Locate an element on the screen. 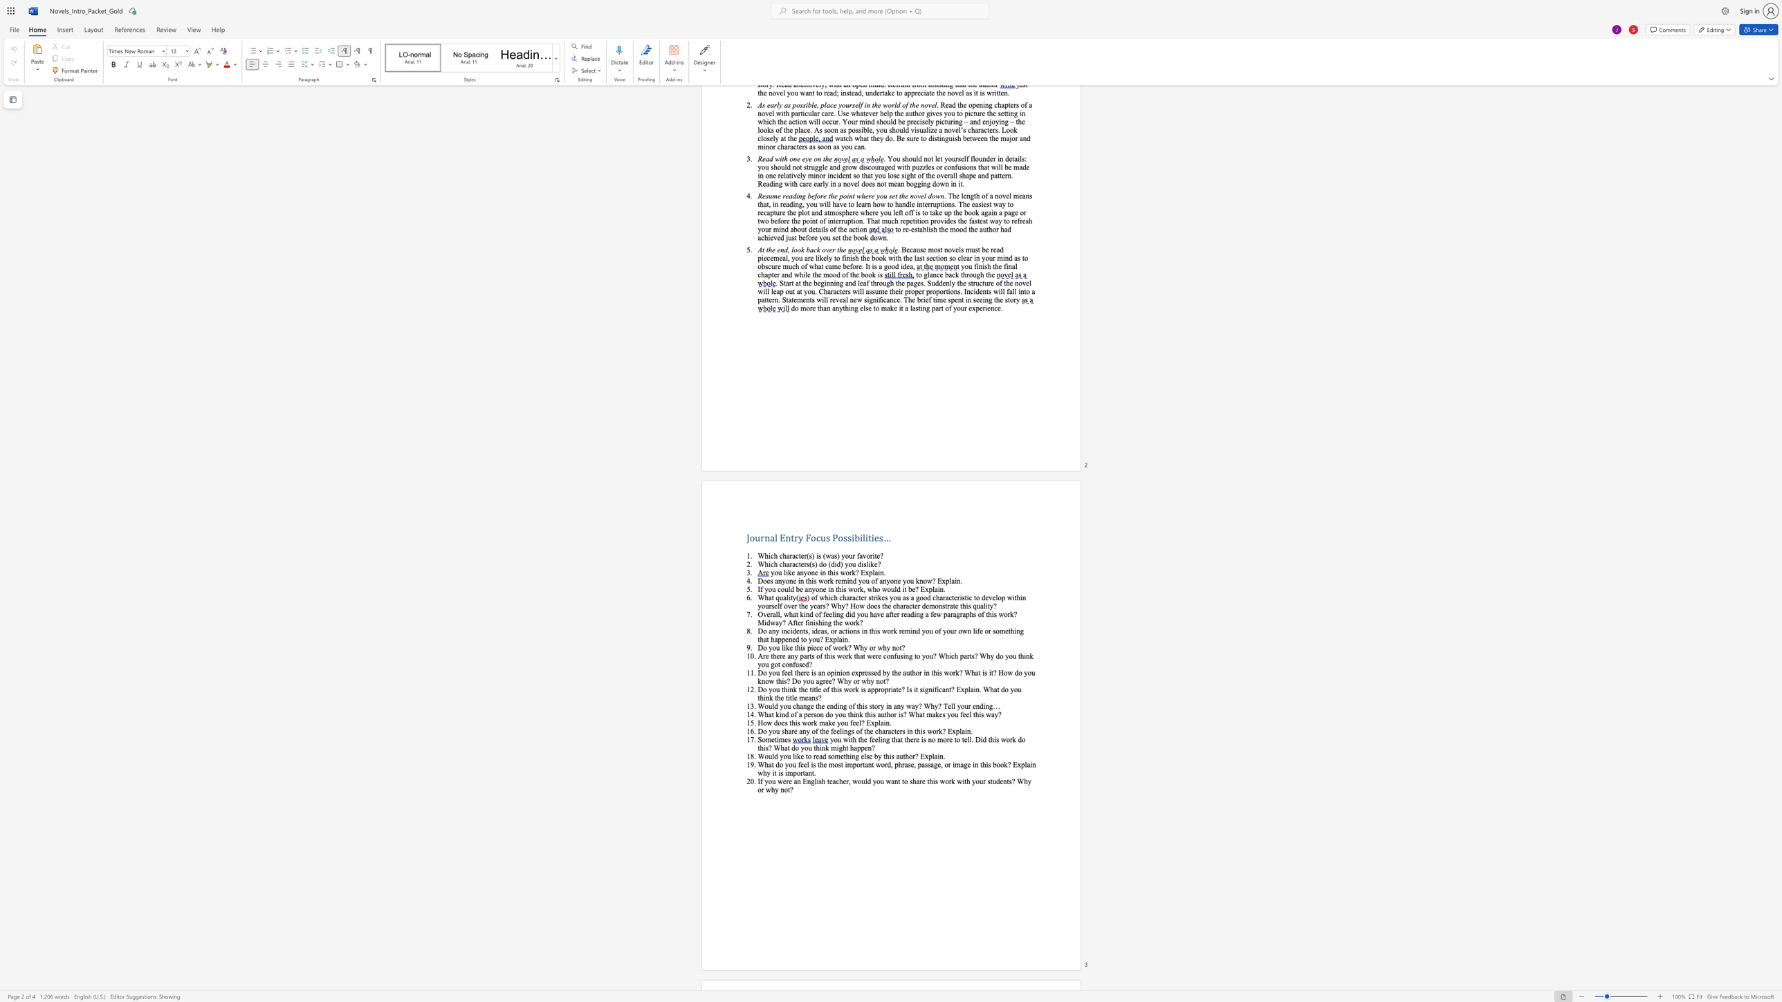 The height and width of the screenshot is (1002, 1782). the subset text "o you think the title of this wor" within the text "Do you think the title of this work is" is located at coordinates (763, 689).